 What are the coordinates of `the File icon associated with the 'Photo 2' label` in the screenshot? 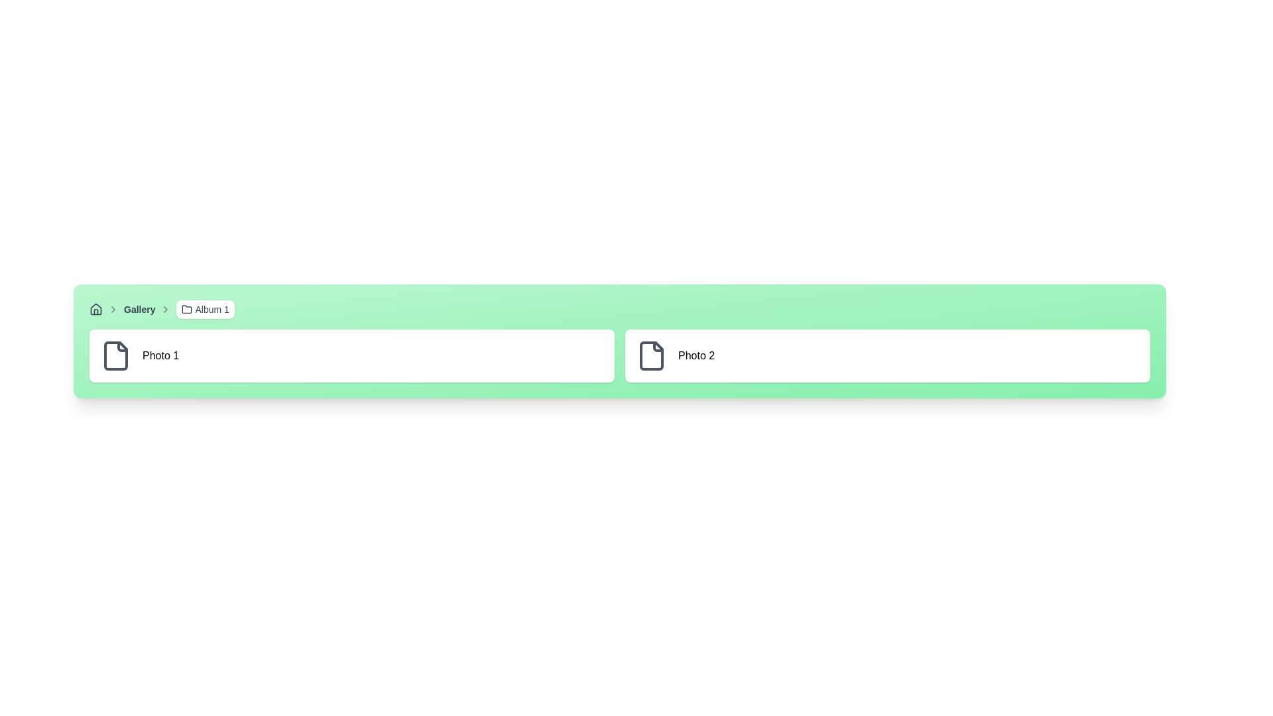 It's located at (652, 355).